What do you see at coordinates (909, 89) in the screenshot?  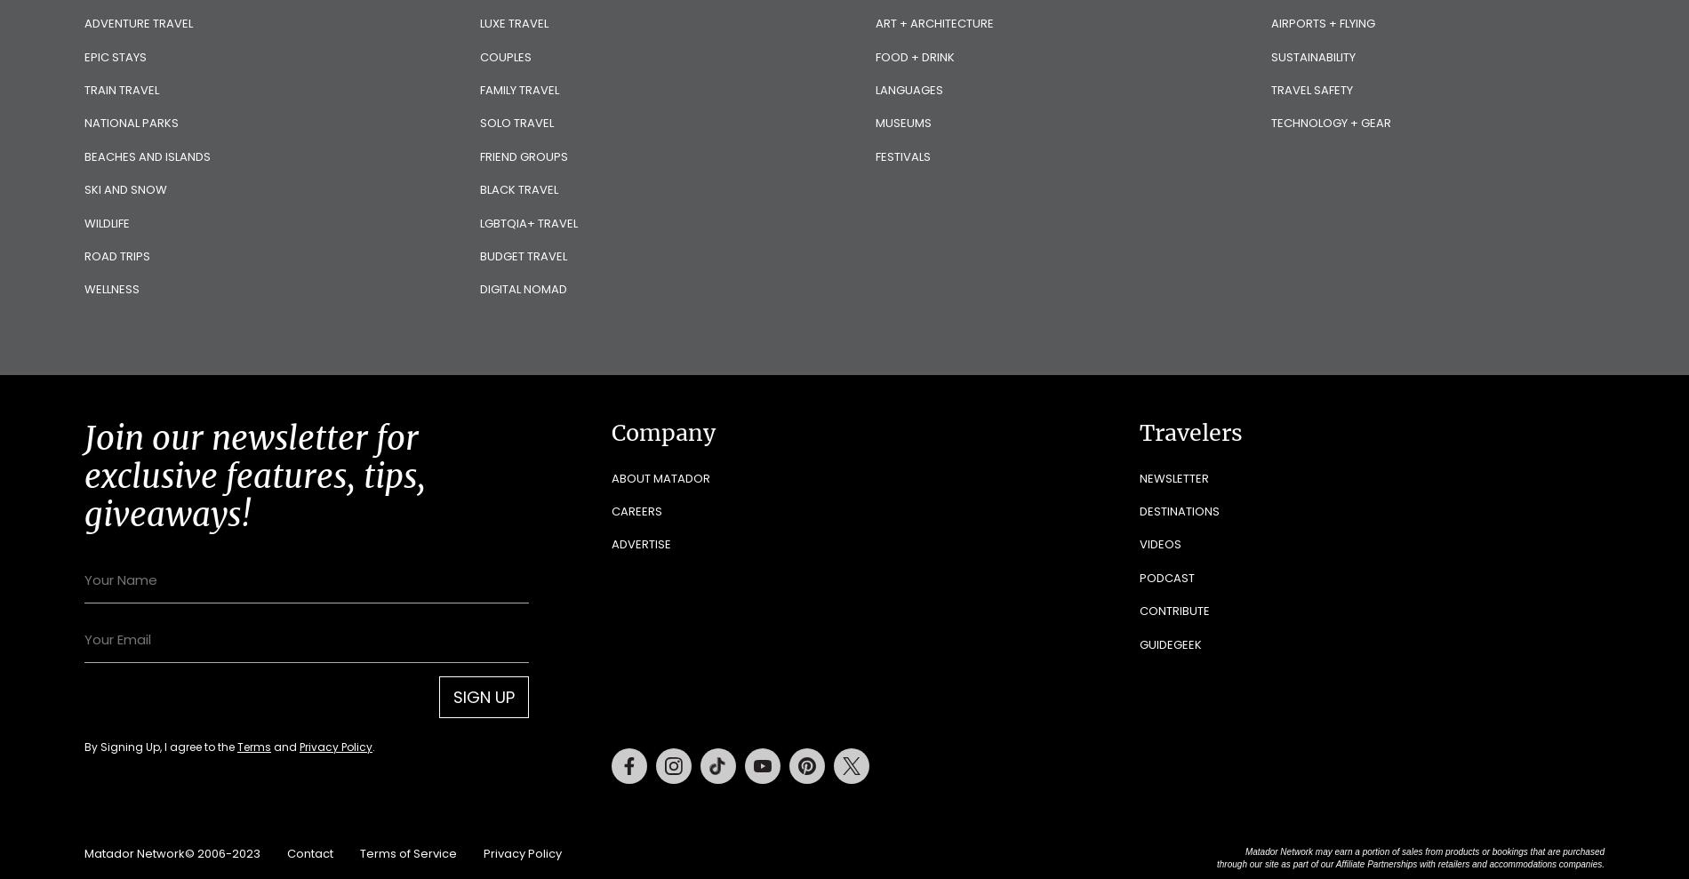 I see `'Languages'` at bounding box center [909, 89].